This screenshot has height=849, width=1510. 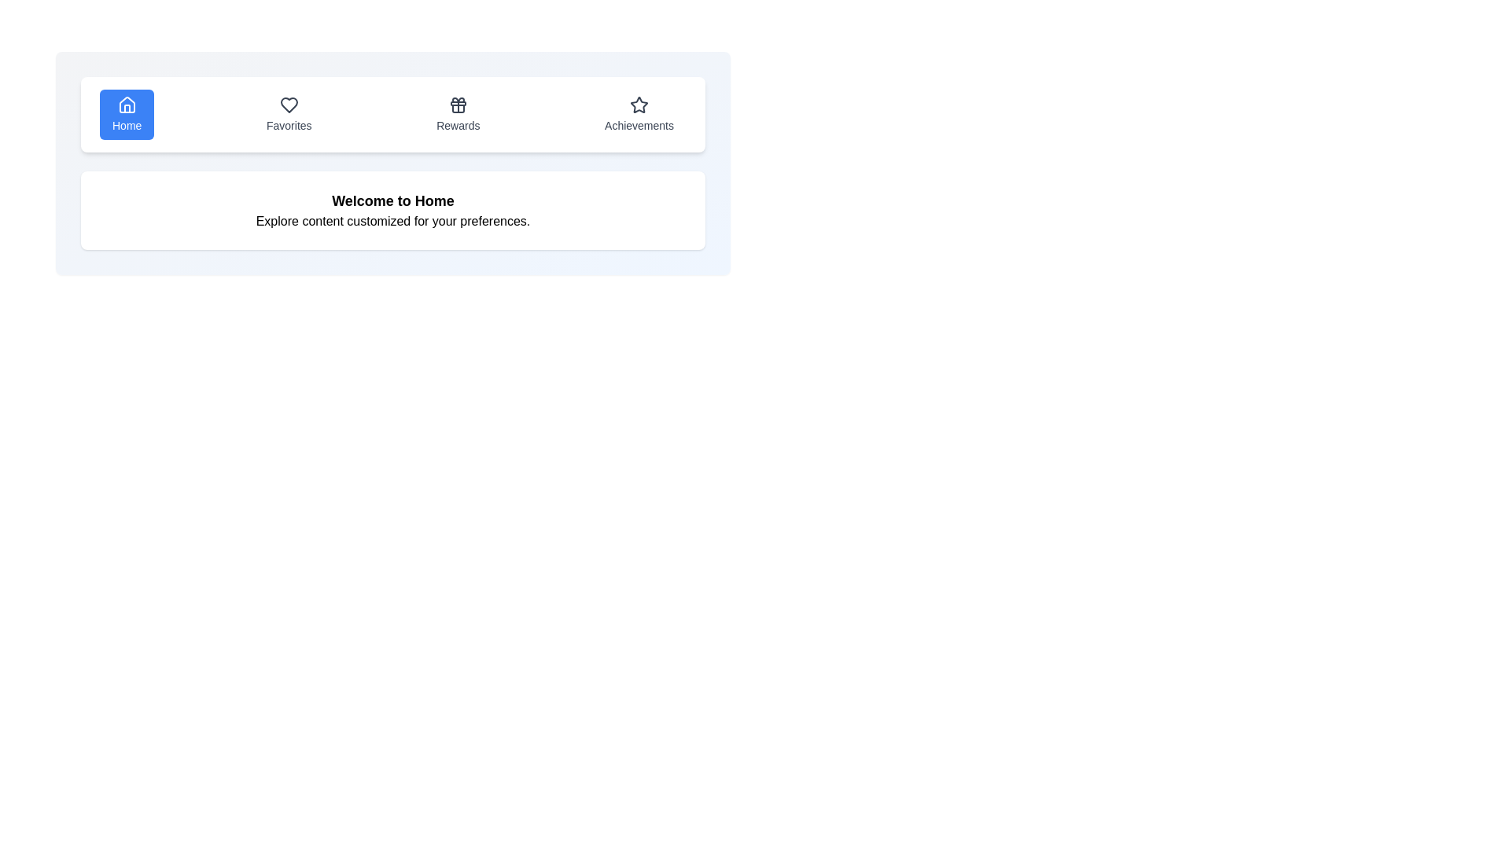 I want to click on the center of the 'Home' button, which features a blue background, white text, and a house icon, so click(x=127, y=114).